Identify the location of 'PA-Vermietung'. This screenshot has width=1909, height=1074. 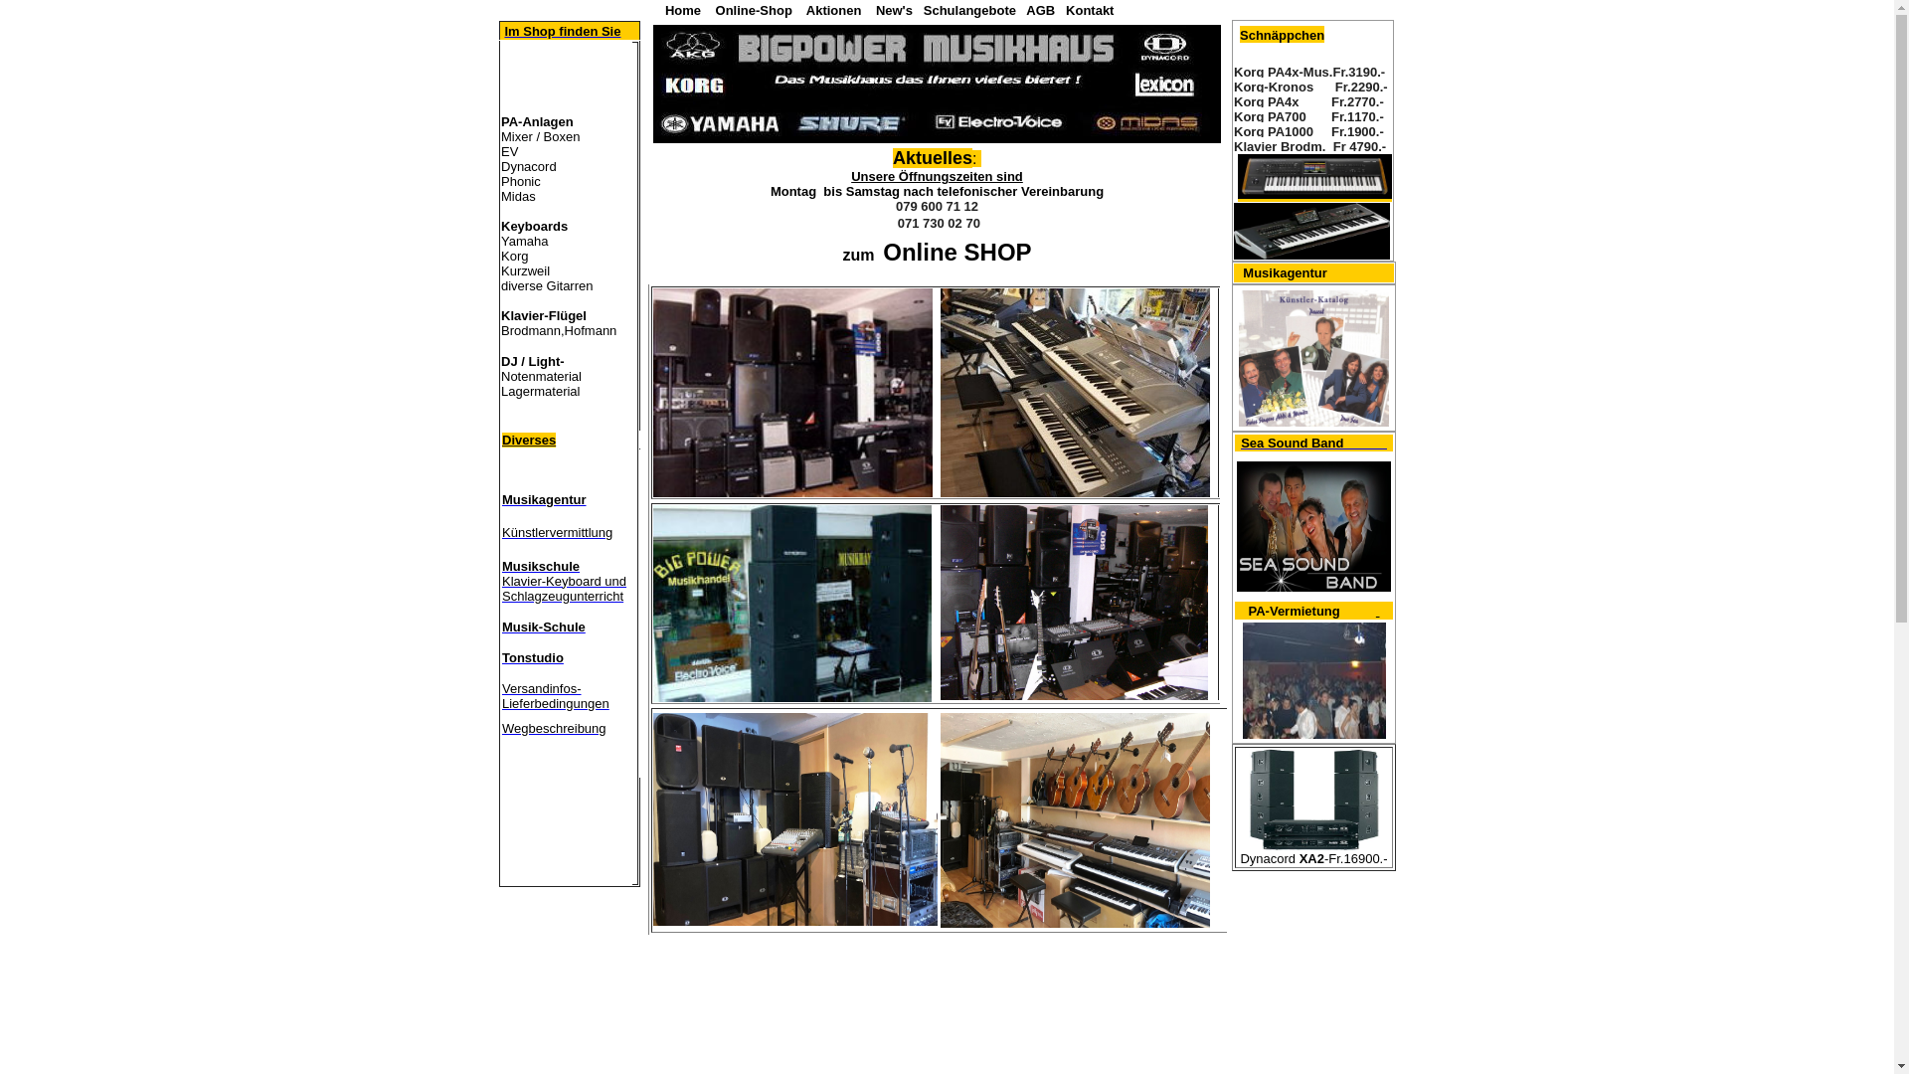
(1294, 611).